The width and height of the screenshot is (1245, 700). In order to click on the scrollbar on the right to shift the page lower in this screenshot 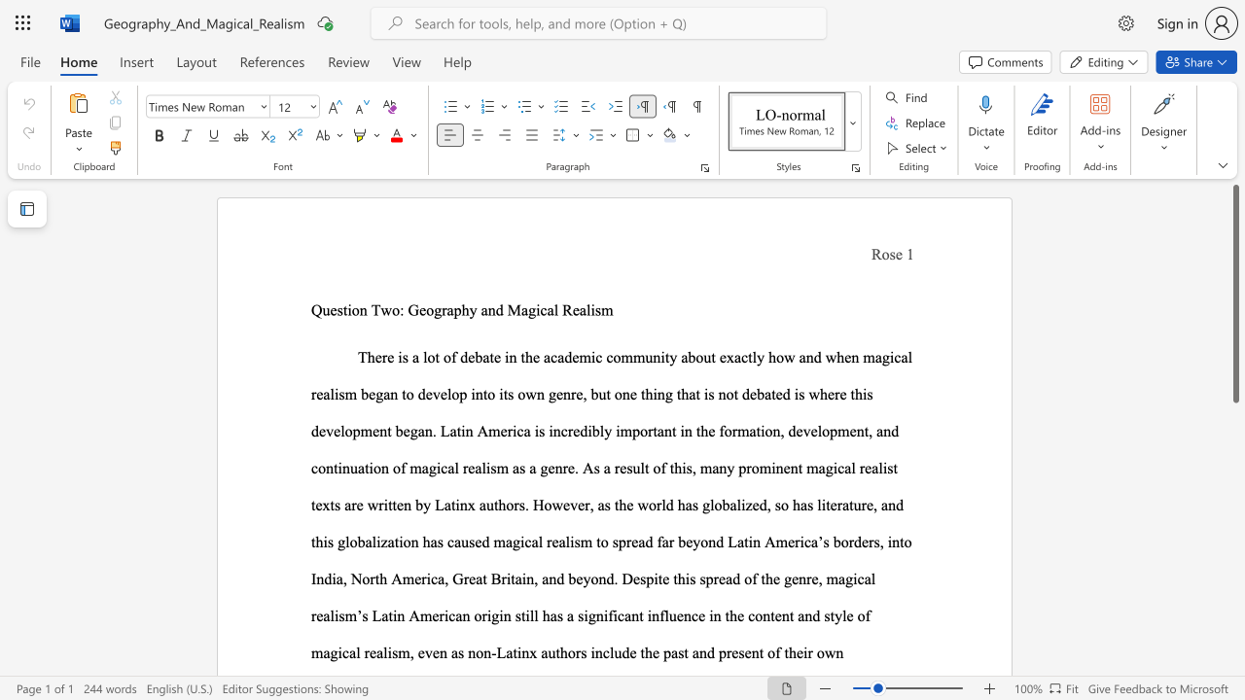, I will do `click(1234, 554)`.